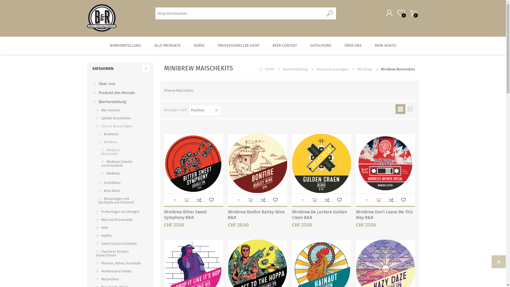 Image resolution: width=510 pixels, height=287 pixels. What do you see at coordinates (98, 134) in the screenshot?
I see `'Brewtools'` at bounding box center [98, 134].